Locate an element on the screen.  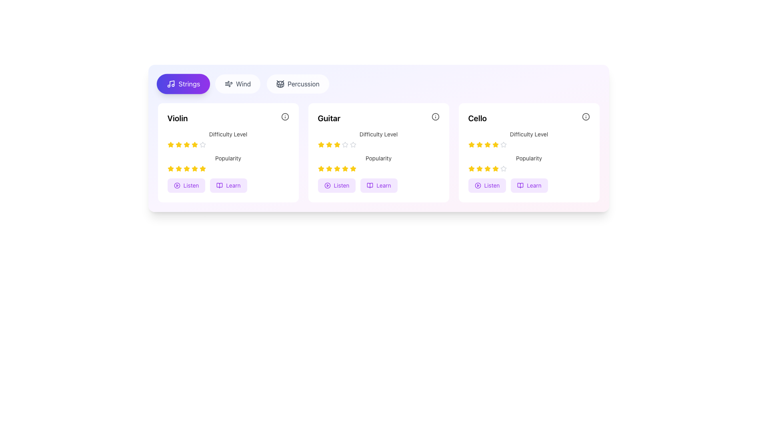
the circular play button located within the 'Listen' button group on the 'Violin' card to prompt a tooltip or animation is located at coordinates (176, 185).